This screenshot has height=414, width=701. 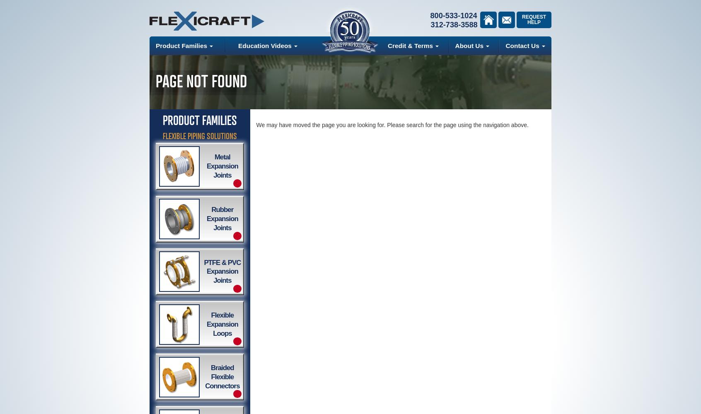 I want to click on 'Metal Expansion Joints', so click(x=222, y=166).